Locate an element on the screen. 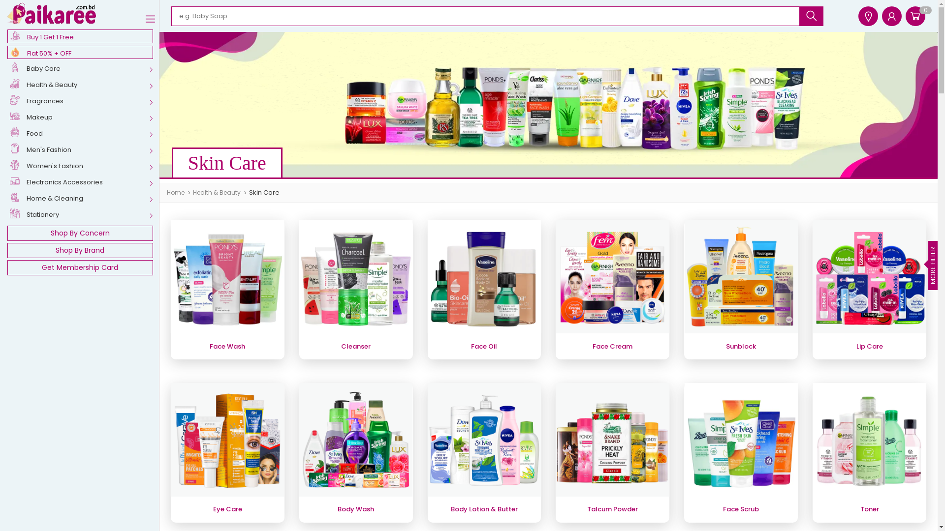 Image resolution: width=945 pixels, height=531 pixels. 'Electronics Accessories' is located at coordinates (83, 183).